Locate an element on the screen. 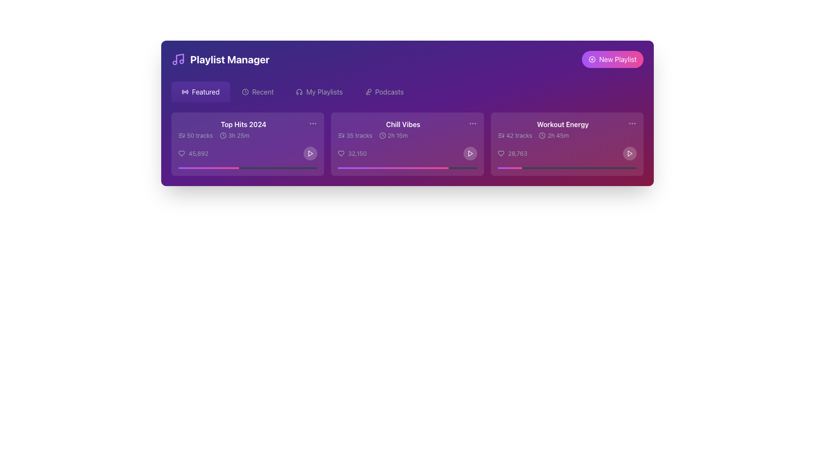 The image size is (821, 462). the text label that serves as the title of the playlist, located at the top of the first card in a horizontally aligned row of playlist cards is located at coordinates (243, 124).